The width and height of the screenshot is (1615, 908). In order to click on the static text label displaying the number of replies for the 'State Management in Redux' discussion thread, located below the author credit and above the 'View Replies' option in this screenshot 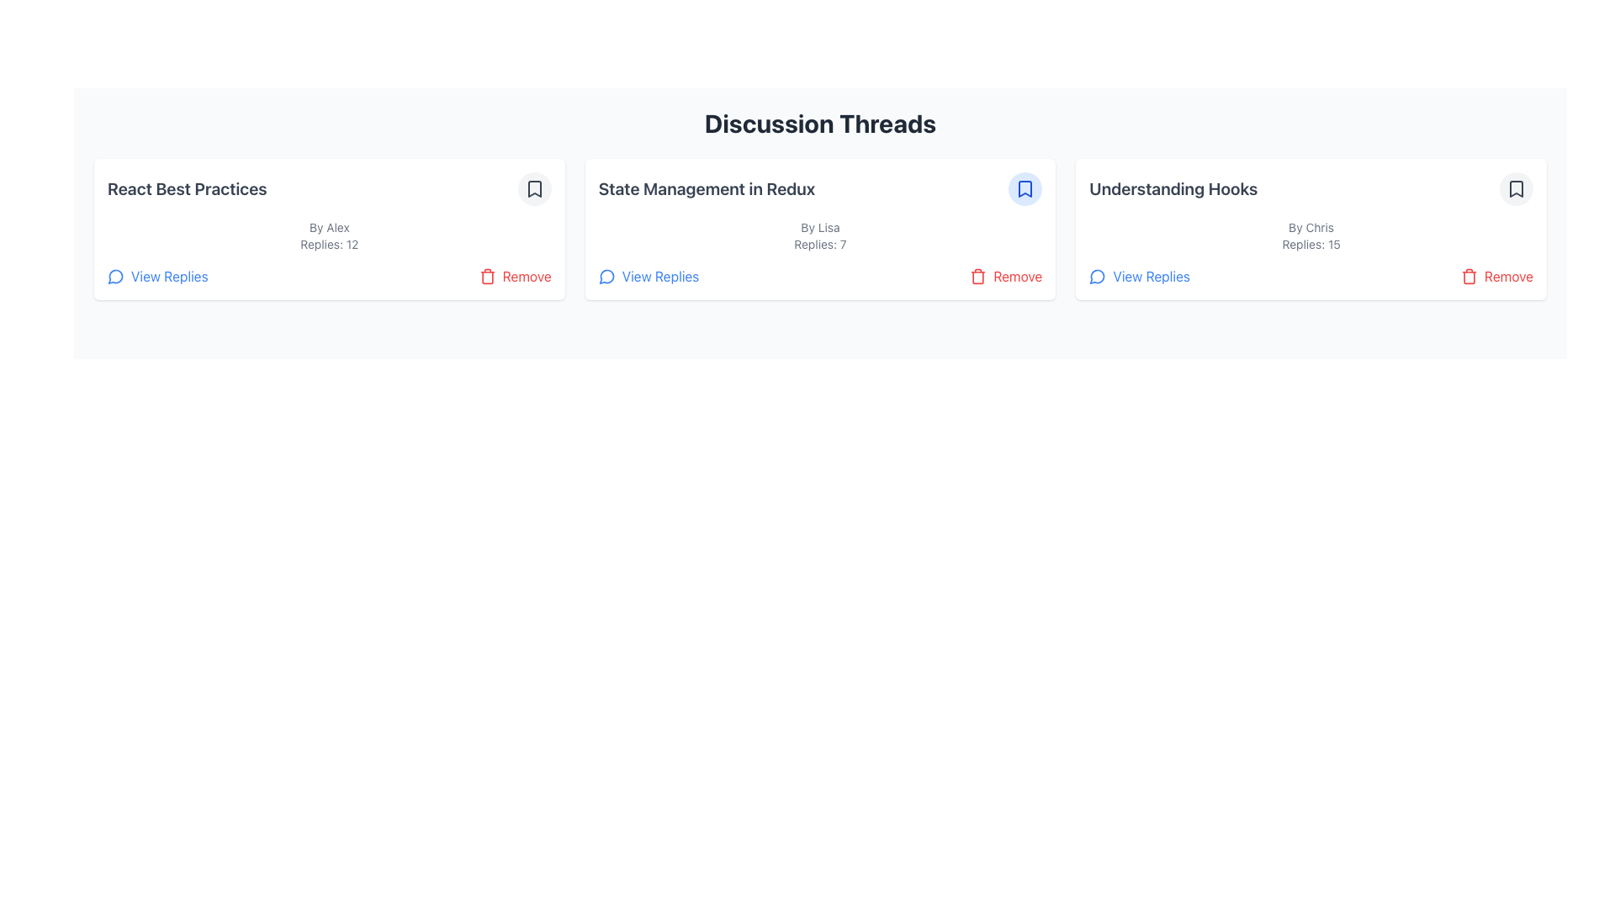, I will do `click(820, 244)`.